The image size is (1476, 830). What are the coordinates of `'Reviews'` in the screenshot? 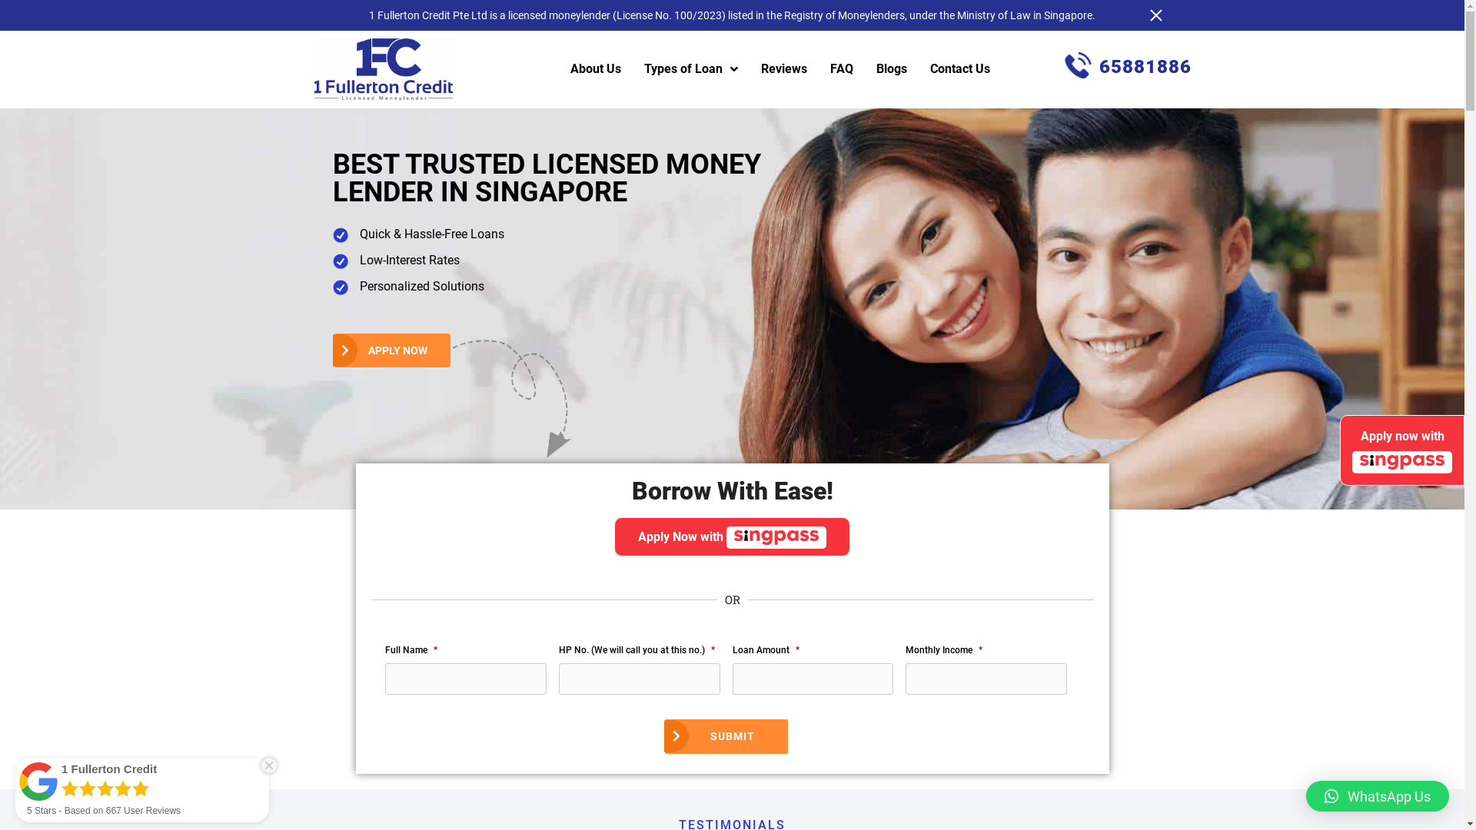 It's located at (783, 68).